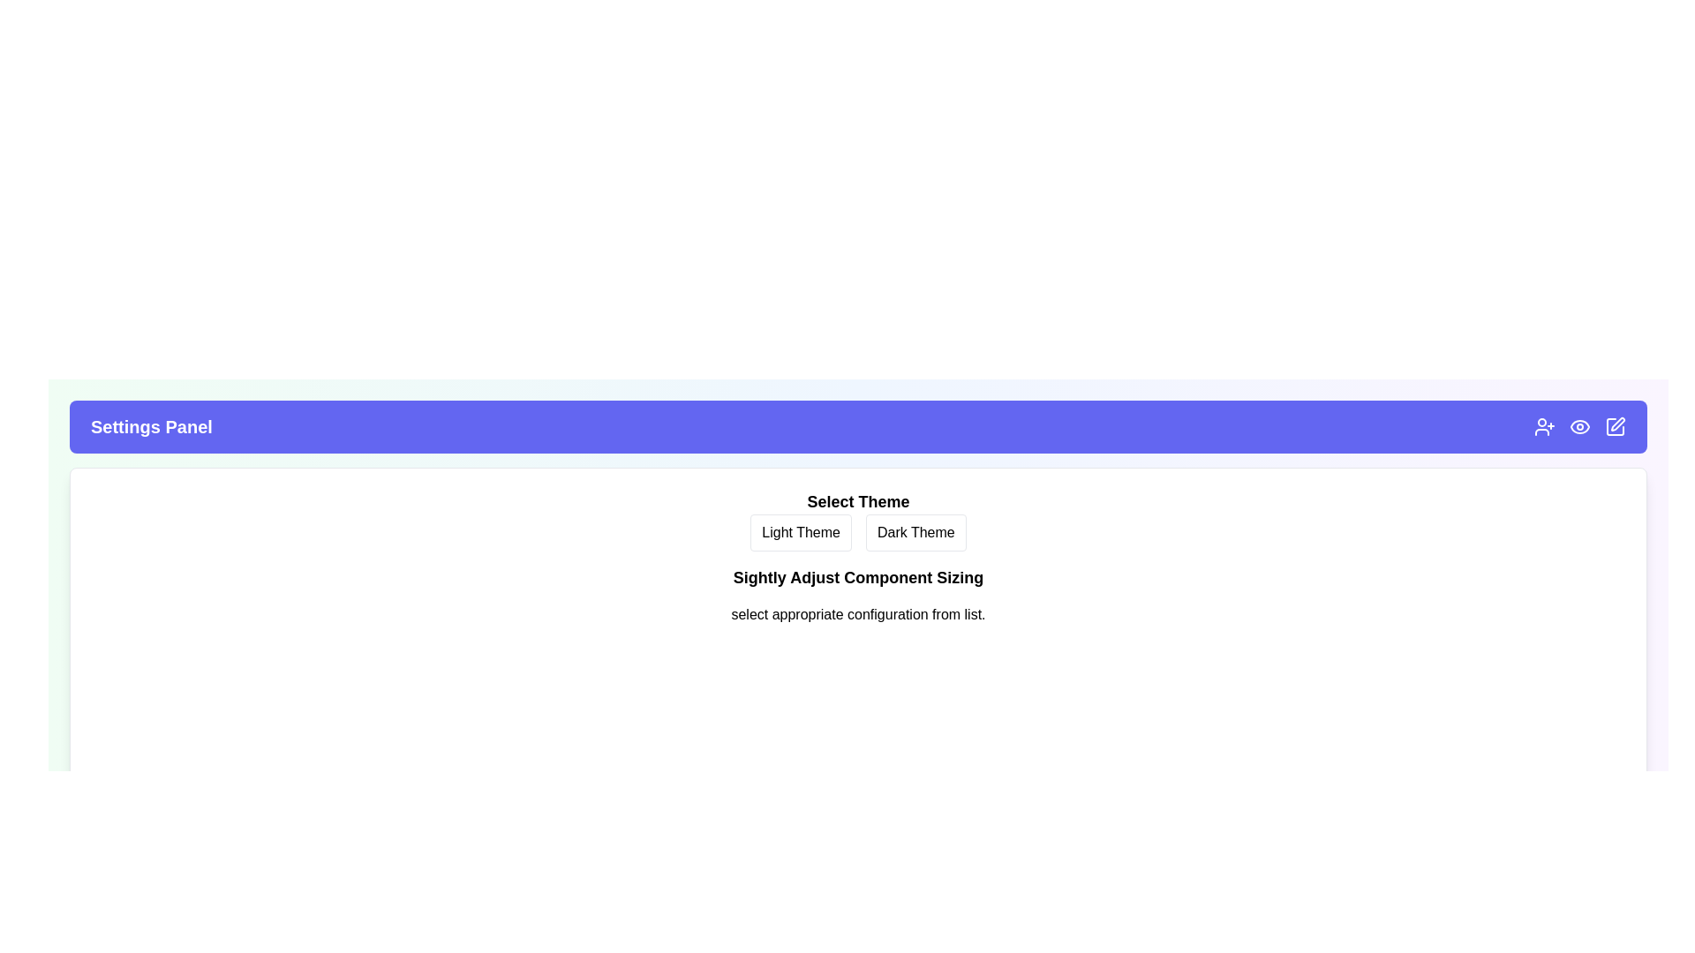  Describe the element at coordinates (1618, 424) in the screenshot. I see `the graphic icon resembling a pen within a square located in the toolbar at the top-right corner of the interface, which likely triggers an editing or pen functionality action` at that location.